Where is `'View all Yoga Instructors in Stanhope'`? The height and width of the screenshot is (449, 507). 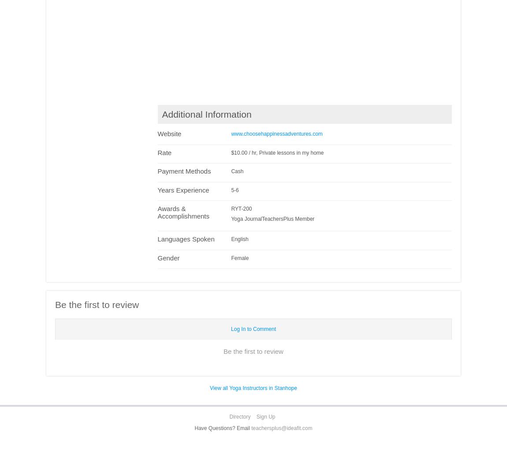
'View all Yoga Instructors in Stanhope' is located at coordinates (253, 388).